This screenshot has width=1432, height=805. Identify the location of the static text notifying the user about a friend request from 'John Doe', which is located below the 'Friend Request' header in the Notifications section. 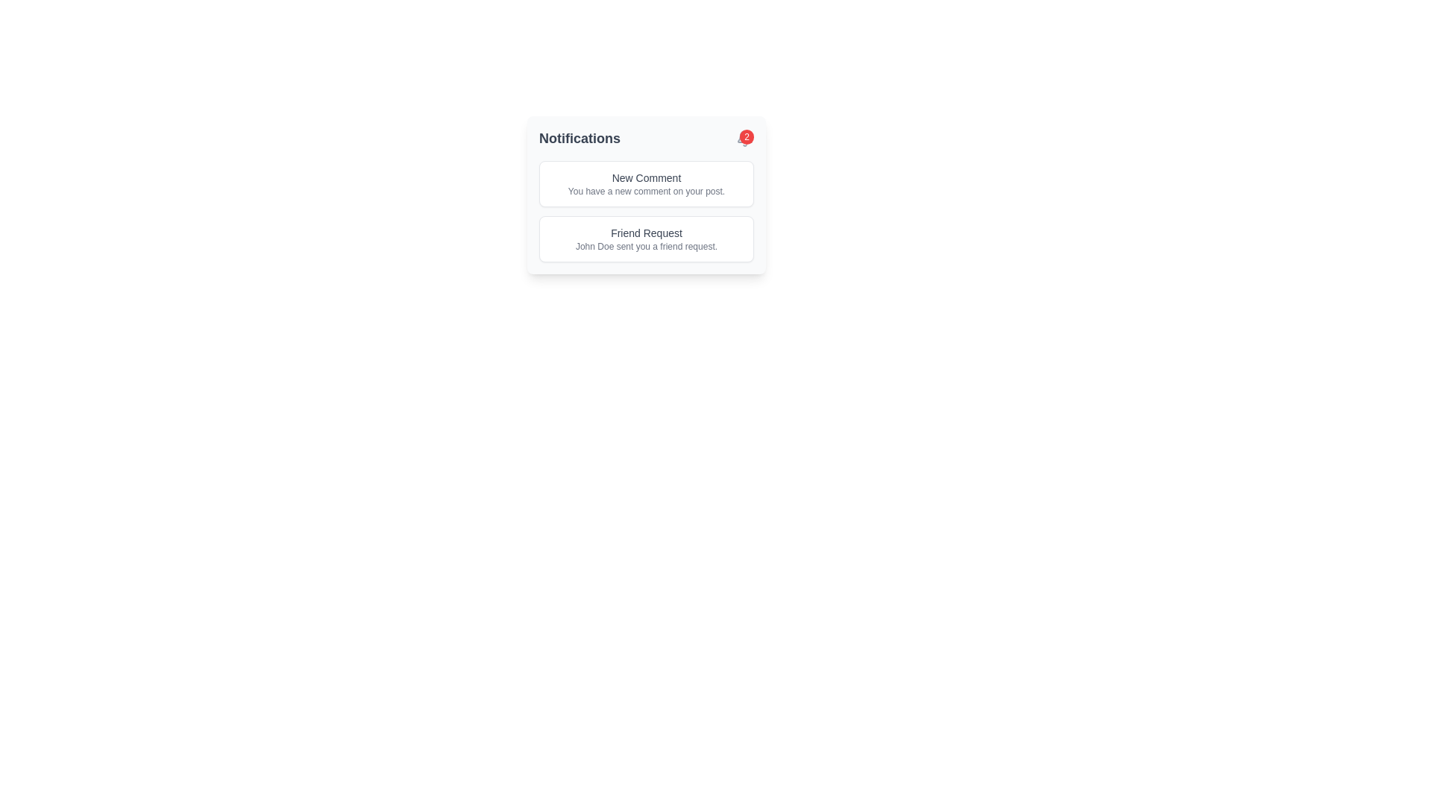
(647, 246).